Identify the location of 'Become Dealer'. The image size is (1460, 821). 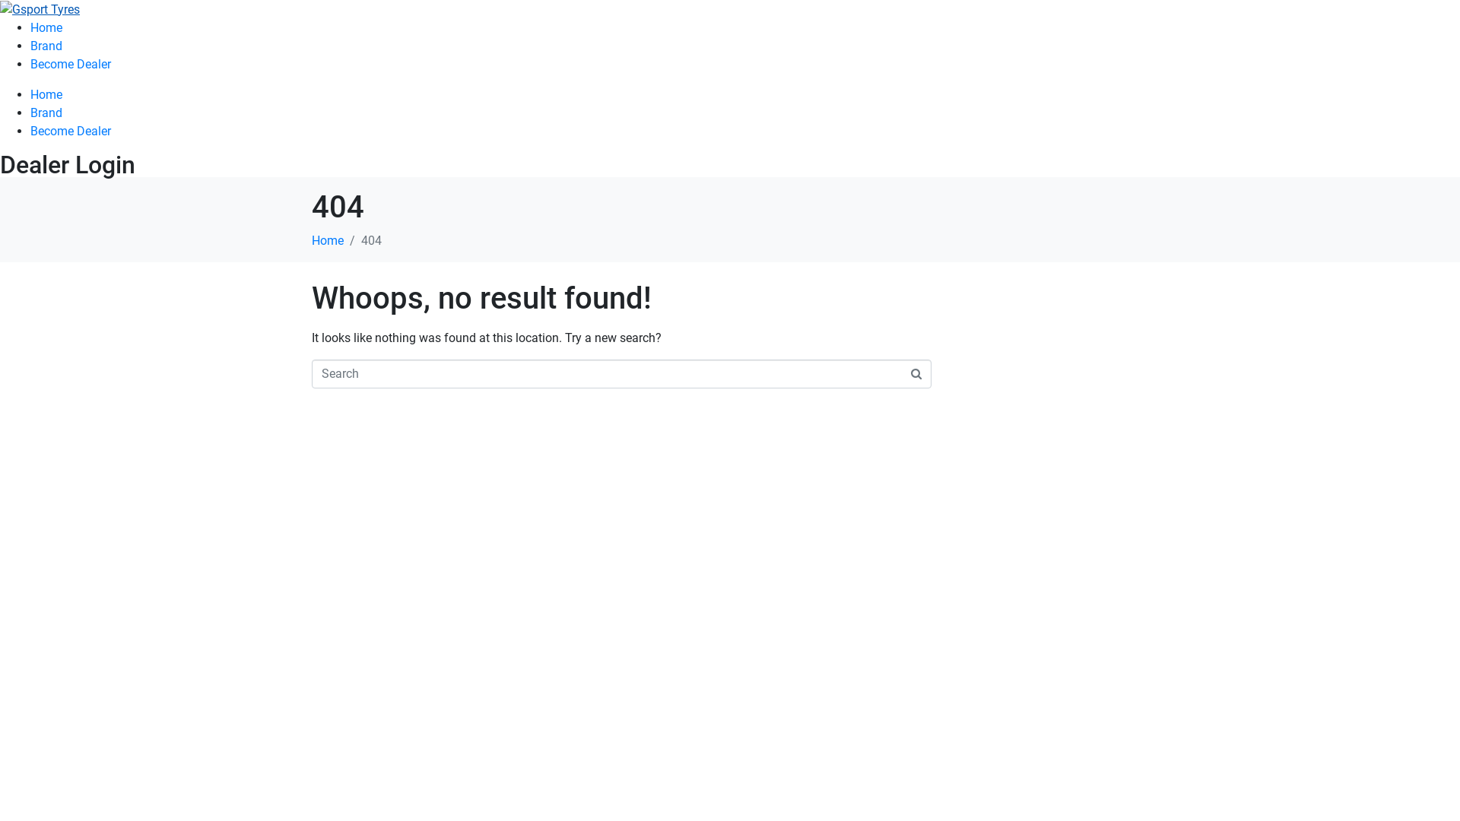
(69, 130).